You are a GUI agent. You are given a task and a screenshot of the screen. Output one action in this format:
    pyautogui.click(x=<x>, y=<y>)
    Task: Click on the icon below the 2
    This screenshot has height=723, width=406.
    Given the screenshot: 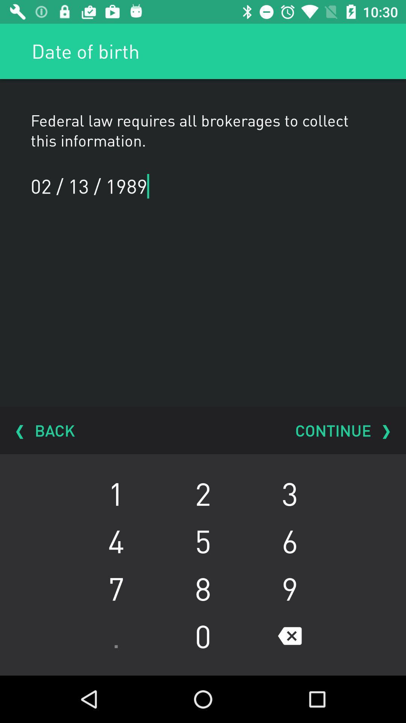 What is the action you would take?
    pyautogui.click(x=289, y=540)
    